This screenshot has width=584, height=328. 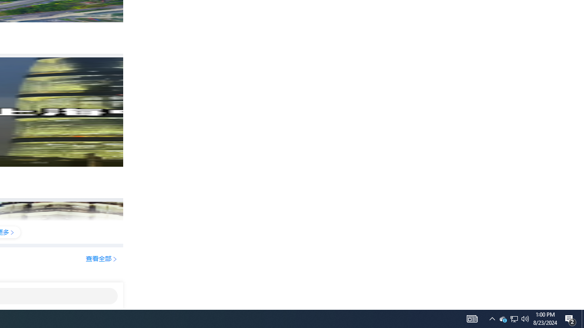 What do you see at coordinates (525, 318) in the screenshot?
I see `'Q2790: 100%'` at bounding box center [525, 318].